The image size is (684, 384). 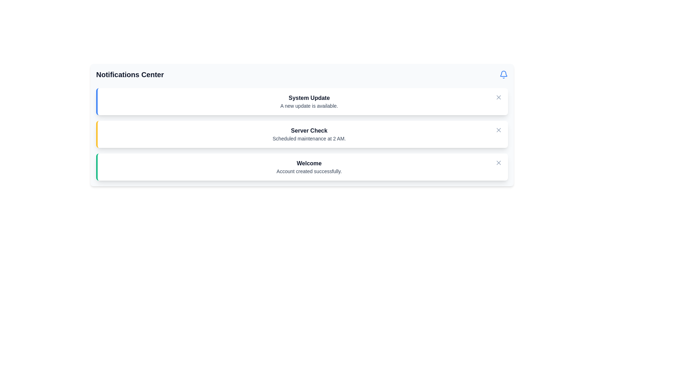 What do you see at coordinates (302, 101) in the screenshot?
I see `details of the first notification card titled 'System Update', which includes a bold title and a subtitle, located at the top of the notification stack` at bounding box center [302, 101].